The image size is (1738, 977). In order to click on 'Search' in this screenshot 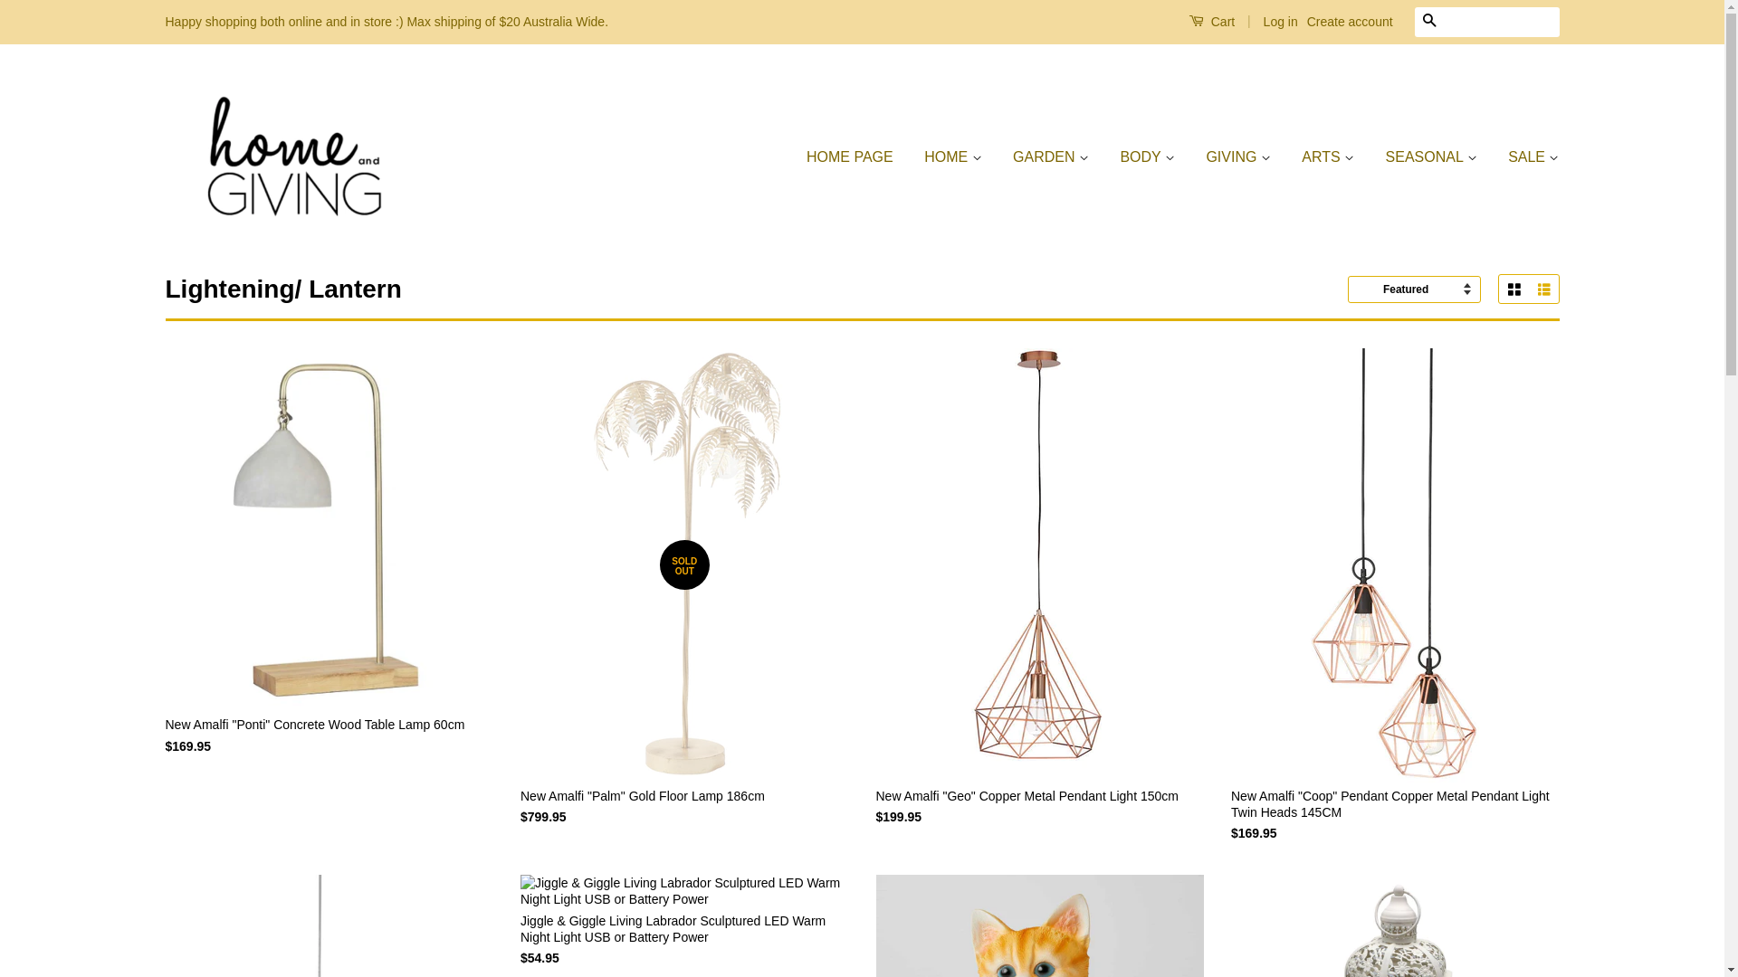, I will do `click(1412, 22)`.